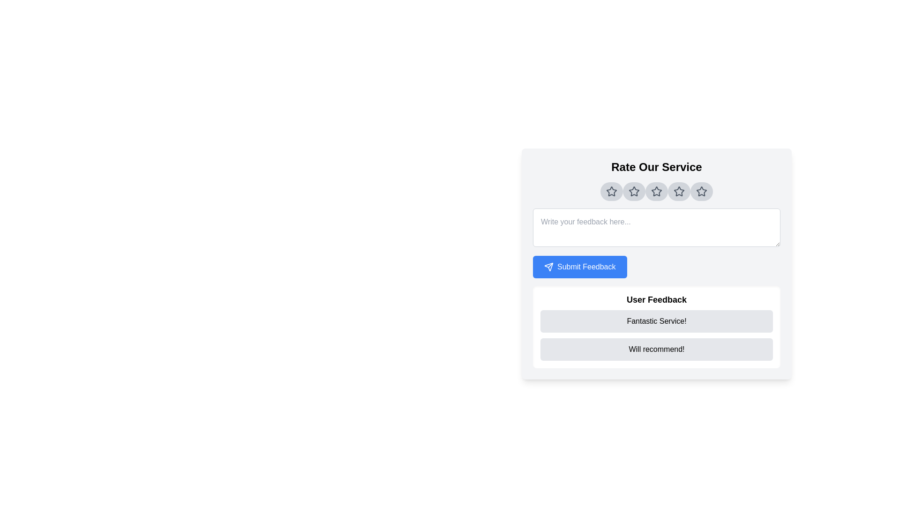 This screenshot has height=506, width=900. I want to click on the third star icon from the left in the horizontal row of five star icons under the 'Rate Our Service' header to rate it, so click(656, 191).